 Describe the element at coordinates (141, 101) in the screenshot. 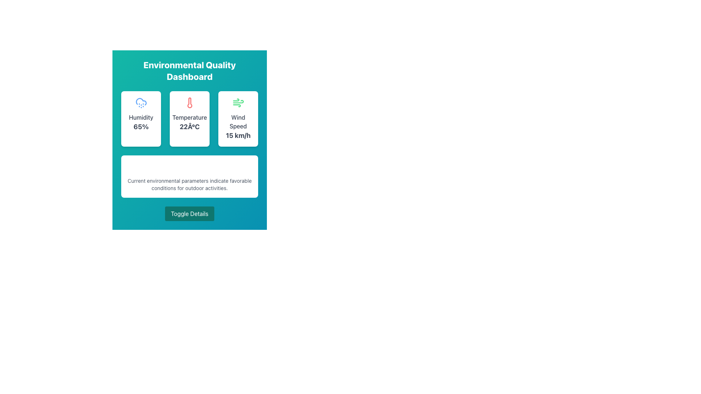

I see `the cloud-shaped icon with drizzle, styled in blue, located at the top-left corner of the 'Humidity 65%' dashboard card` at that location.